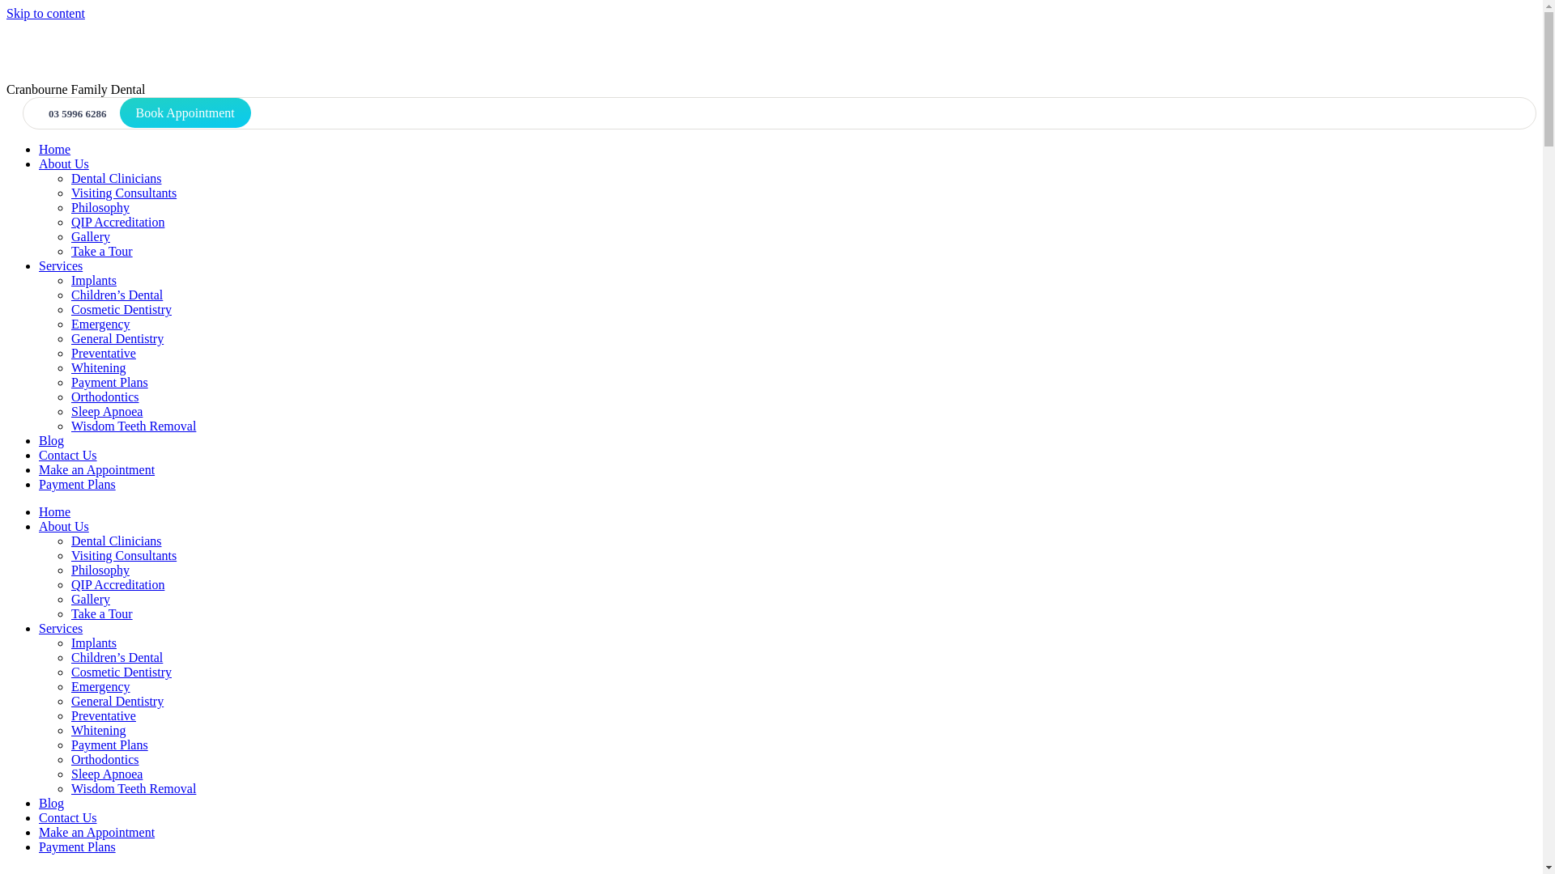 This screenshot has height=874, width=1555. Describe the element at coordinates (109, 745) in the screenshot. I see `'Payment Plans'` at that location.